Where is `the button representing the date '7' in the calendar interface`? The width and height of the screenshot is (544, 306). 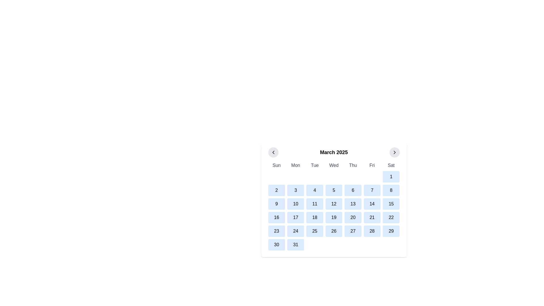
the button representing the date '7' in the calendar interface is located at coordinates (372, 190).